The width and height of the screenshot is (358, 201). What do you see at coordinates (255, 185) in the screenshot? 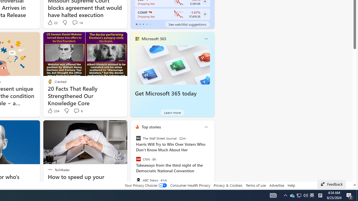
I see `'Terms of use'` at bounding box center [255, 185].